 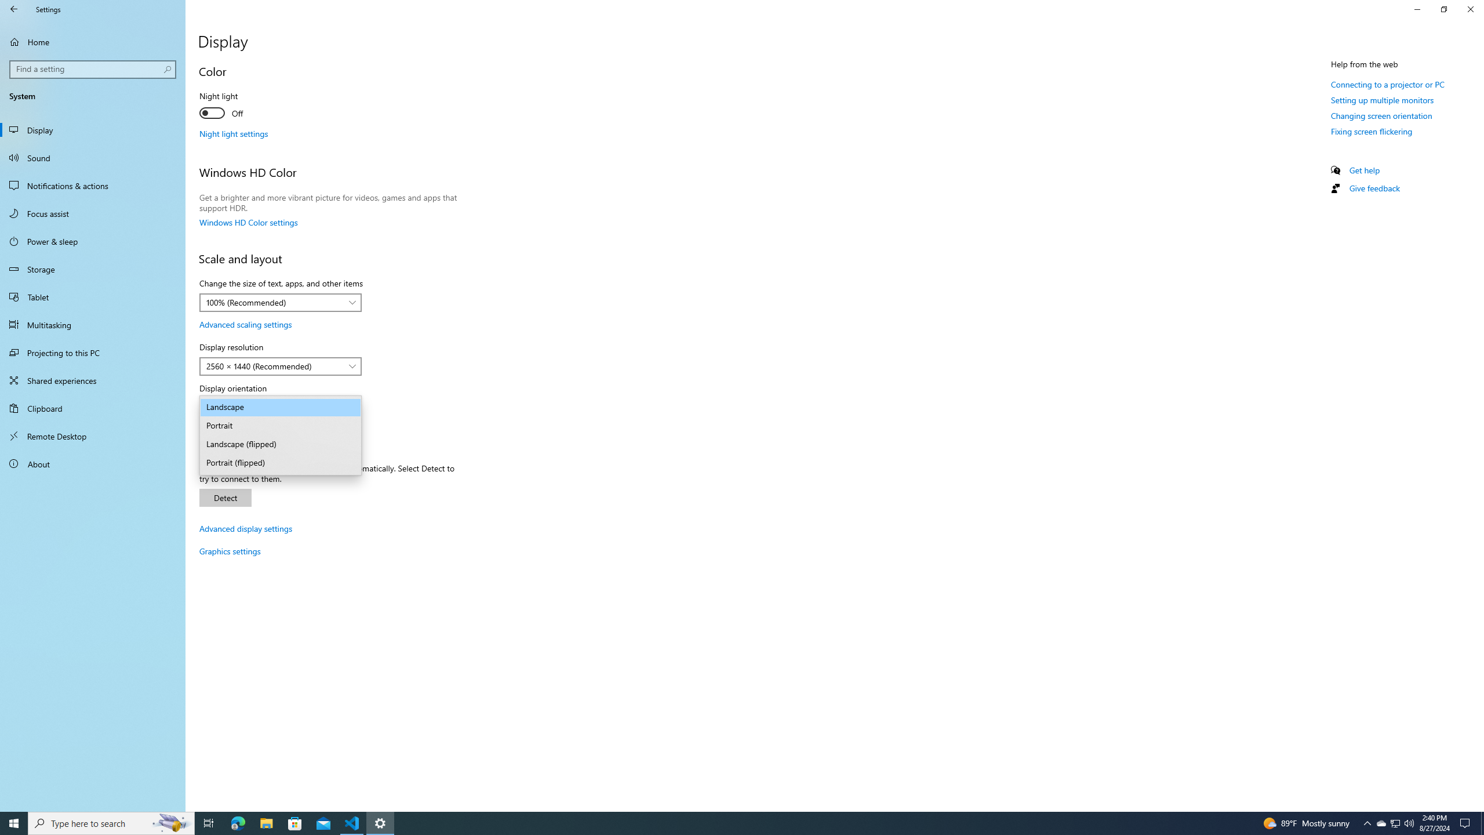 What do you see at coordinates (279, 444) in the screenshot?
I see `'Landscape (flipped)'` at bounding box center [279, 444].